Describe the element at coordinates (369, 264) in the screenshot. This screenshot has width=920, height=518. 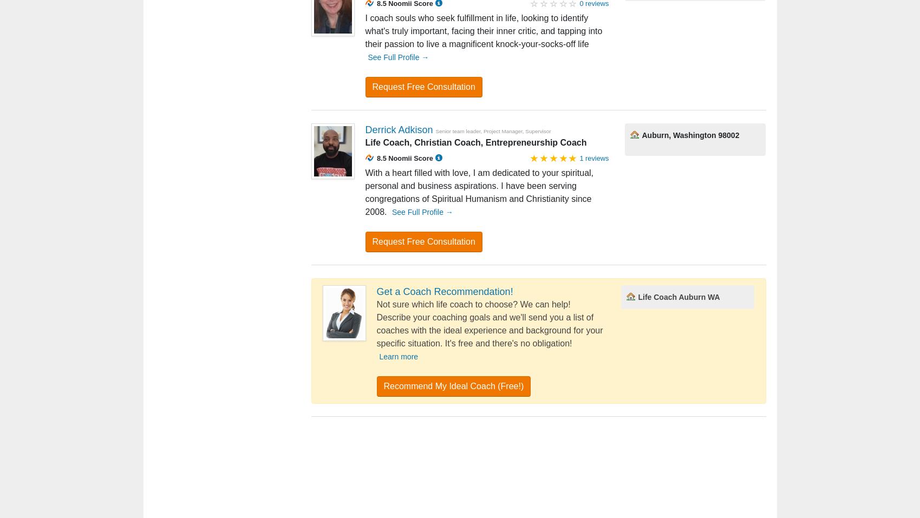
I see `'1'` at that location.